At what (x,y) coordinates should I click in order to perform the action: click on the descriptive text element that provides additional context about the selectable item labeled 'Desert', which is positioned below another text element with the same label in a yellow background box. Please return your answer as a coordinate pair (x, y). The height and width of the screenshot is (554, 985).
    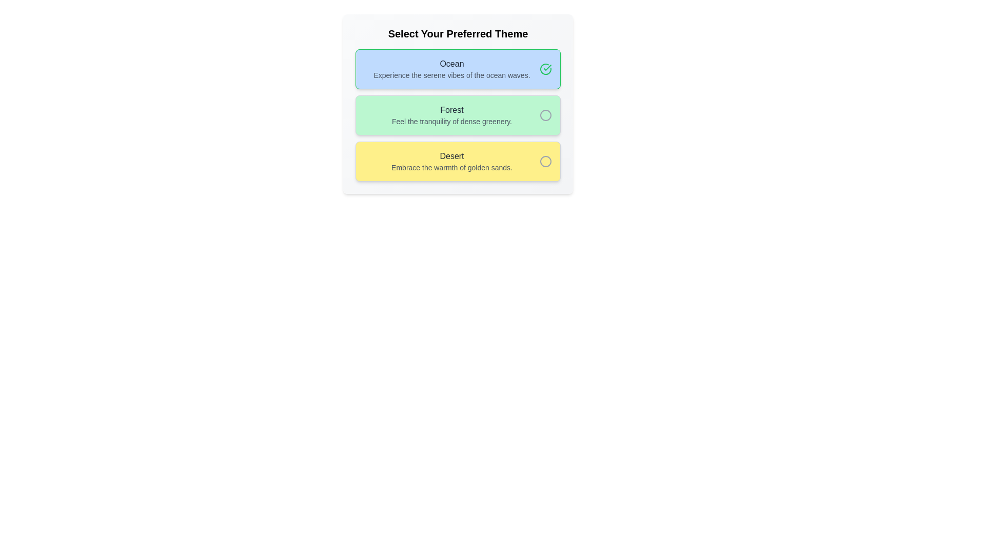
    Looking at the image, I should click on (451, 167).